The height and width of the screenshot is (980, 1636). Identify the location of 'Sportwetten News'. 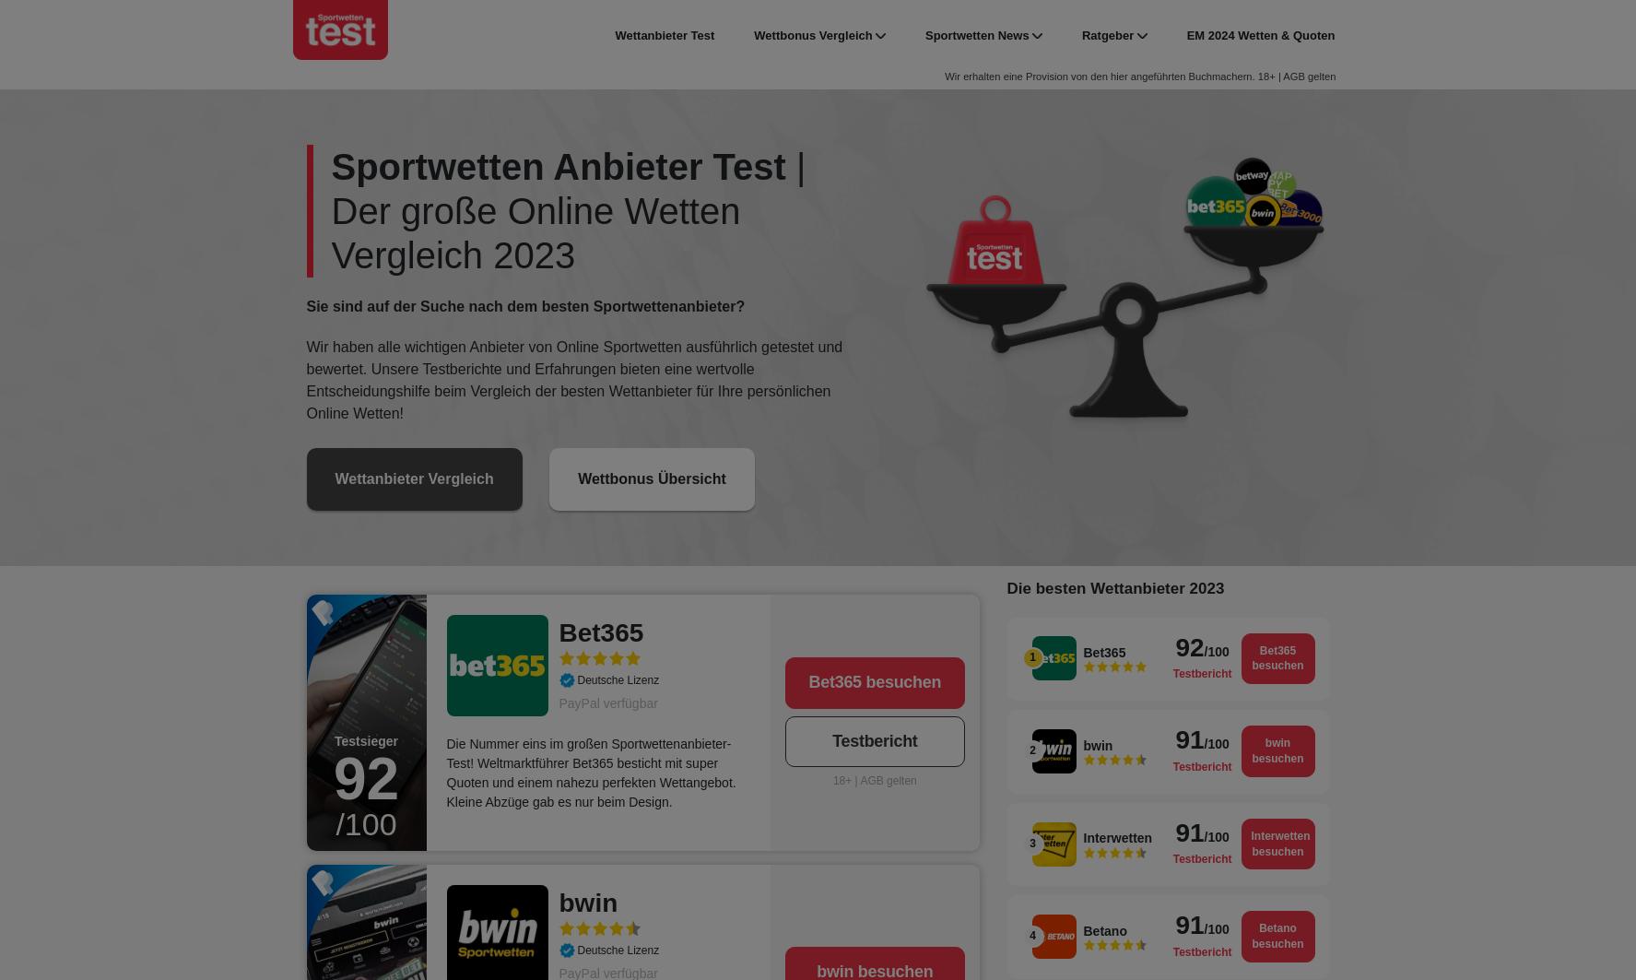
(924, 35).